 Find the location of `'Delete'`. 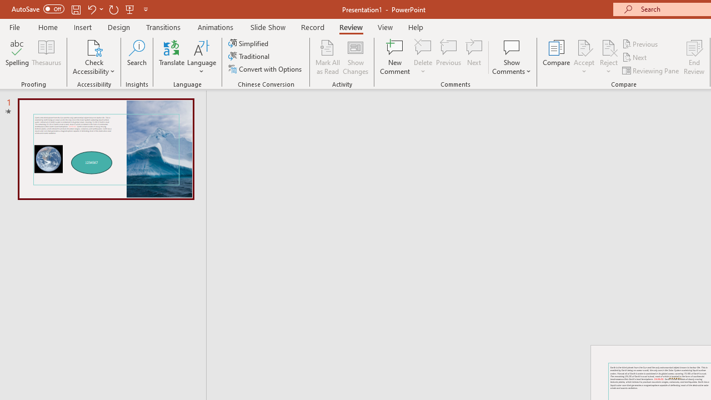

'Delete' is located at coordinates (423, 57).